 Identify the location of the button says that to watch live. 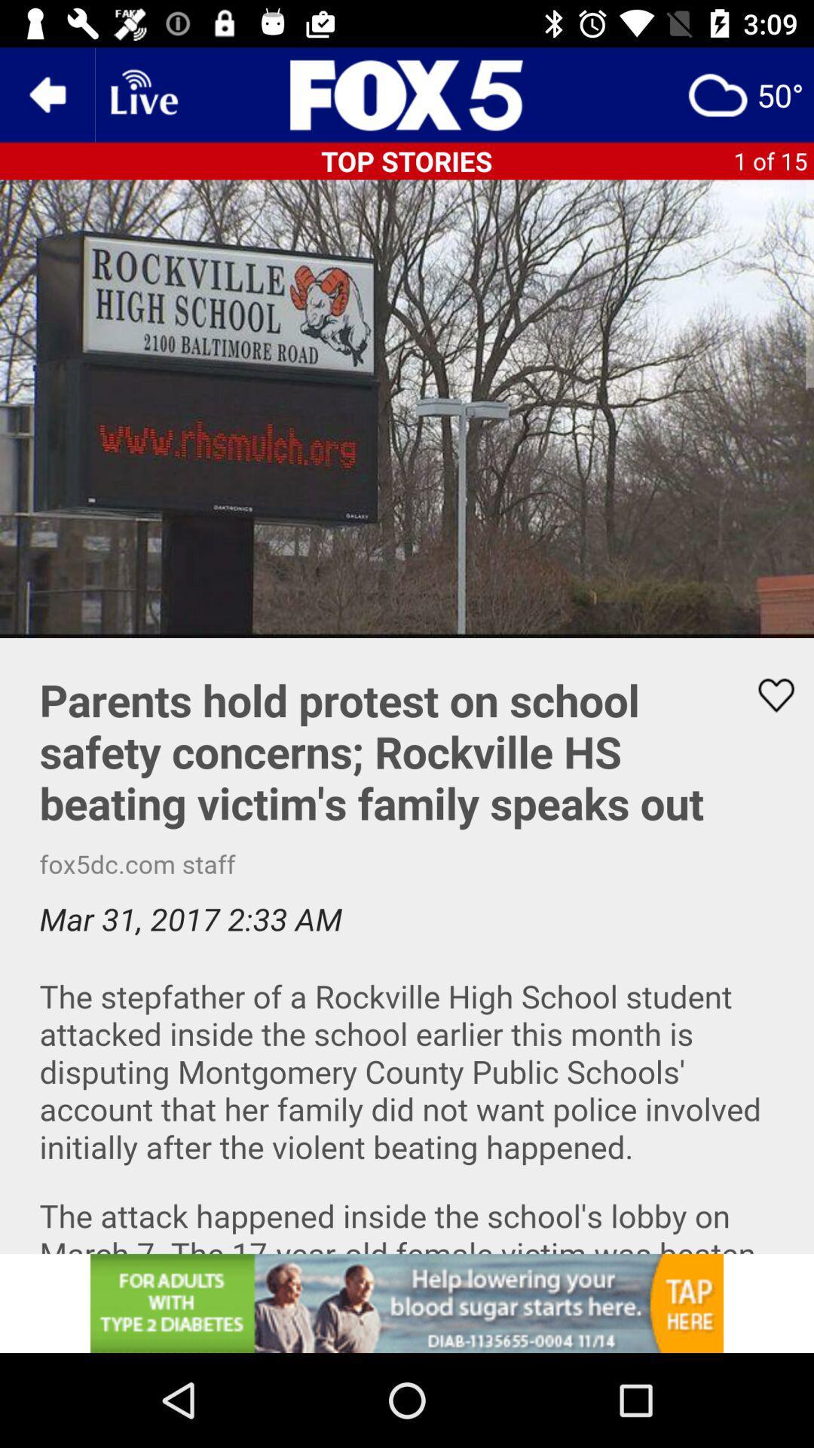
(142, 94).